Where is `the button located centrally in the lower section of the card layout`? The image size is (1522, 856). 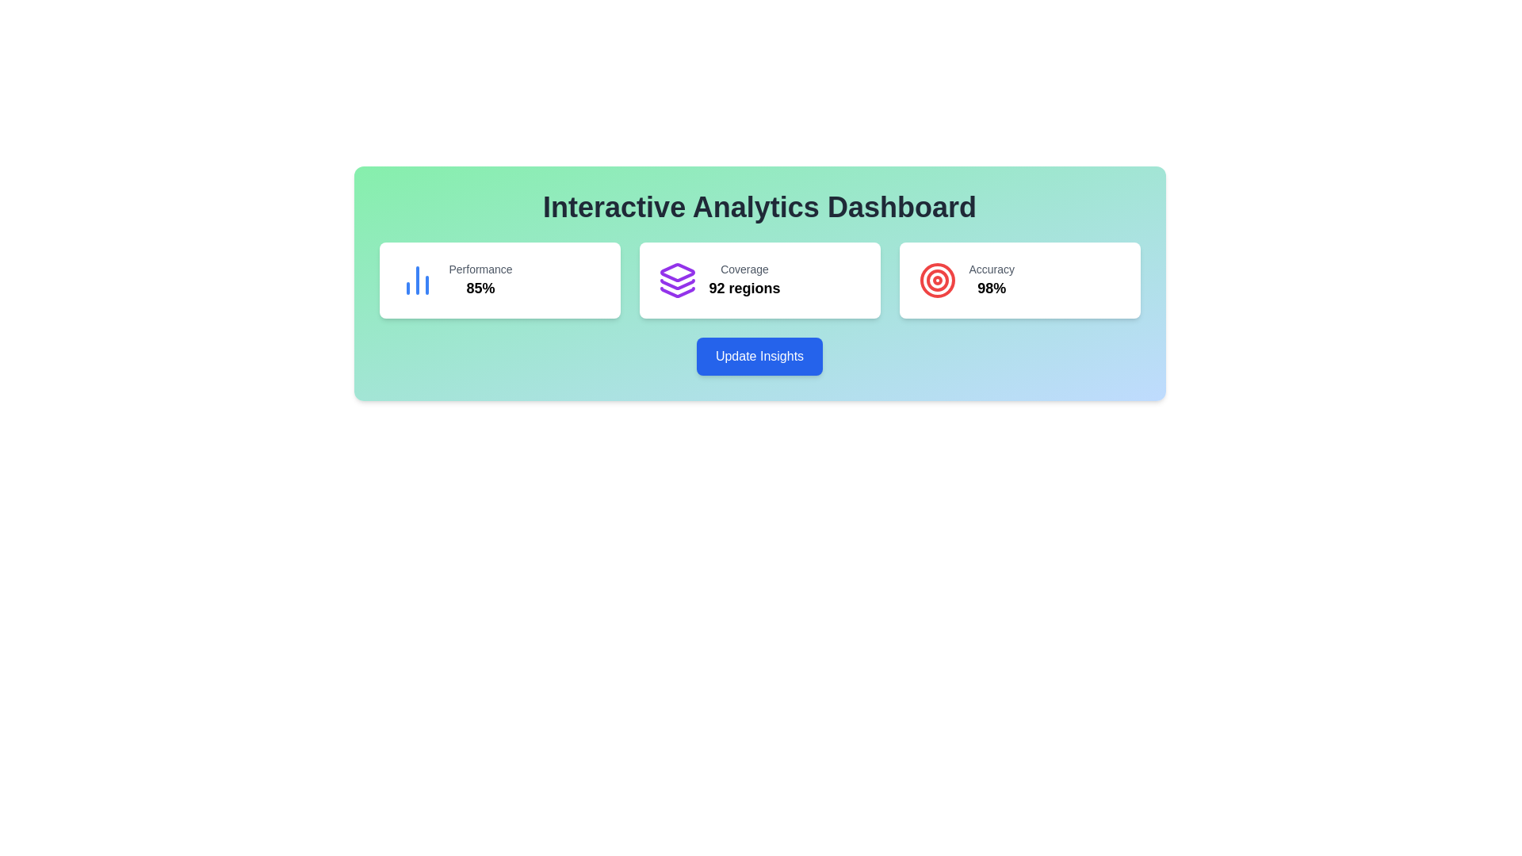
the button located centrally in the lower section of the card layout is located at coordinates (759, 357).